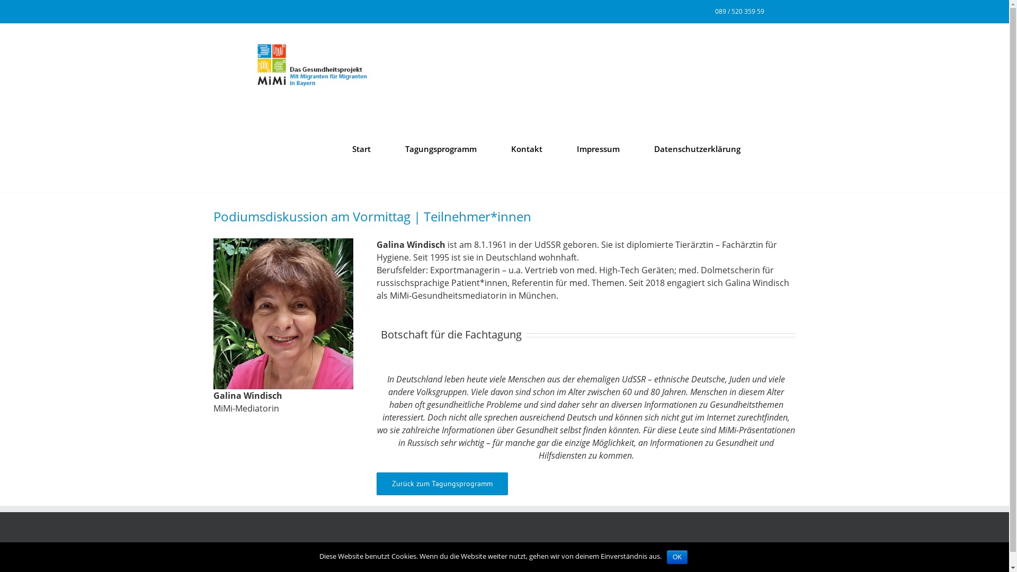 The height and width of the screenshot is (572, 1017). I want to click on 'windisch', so click(282, 313).